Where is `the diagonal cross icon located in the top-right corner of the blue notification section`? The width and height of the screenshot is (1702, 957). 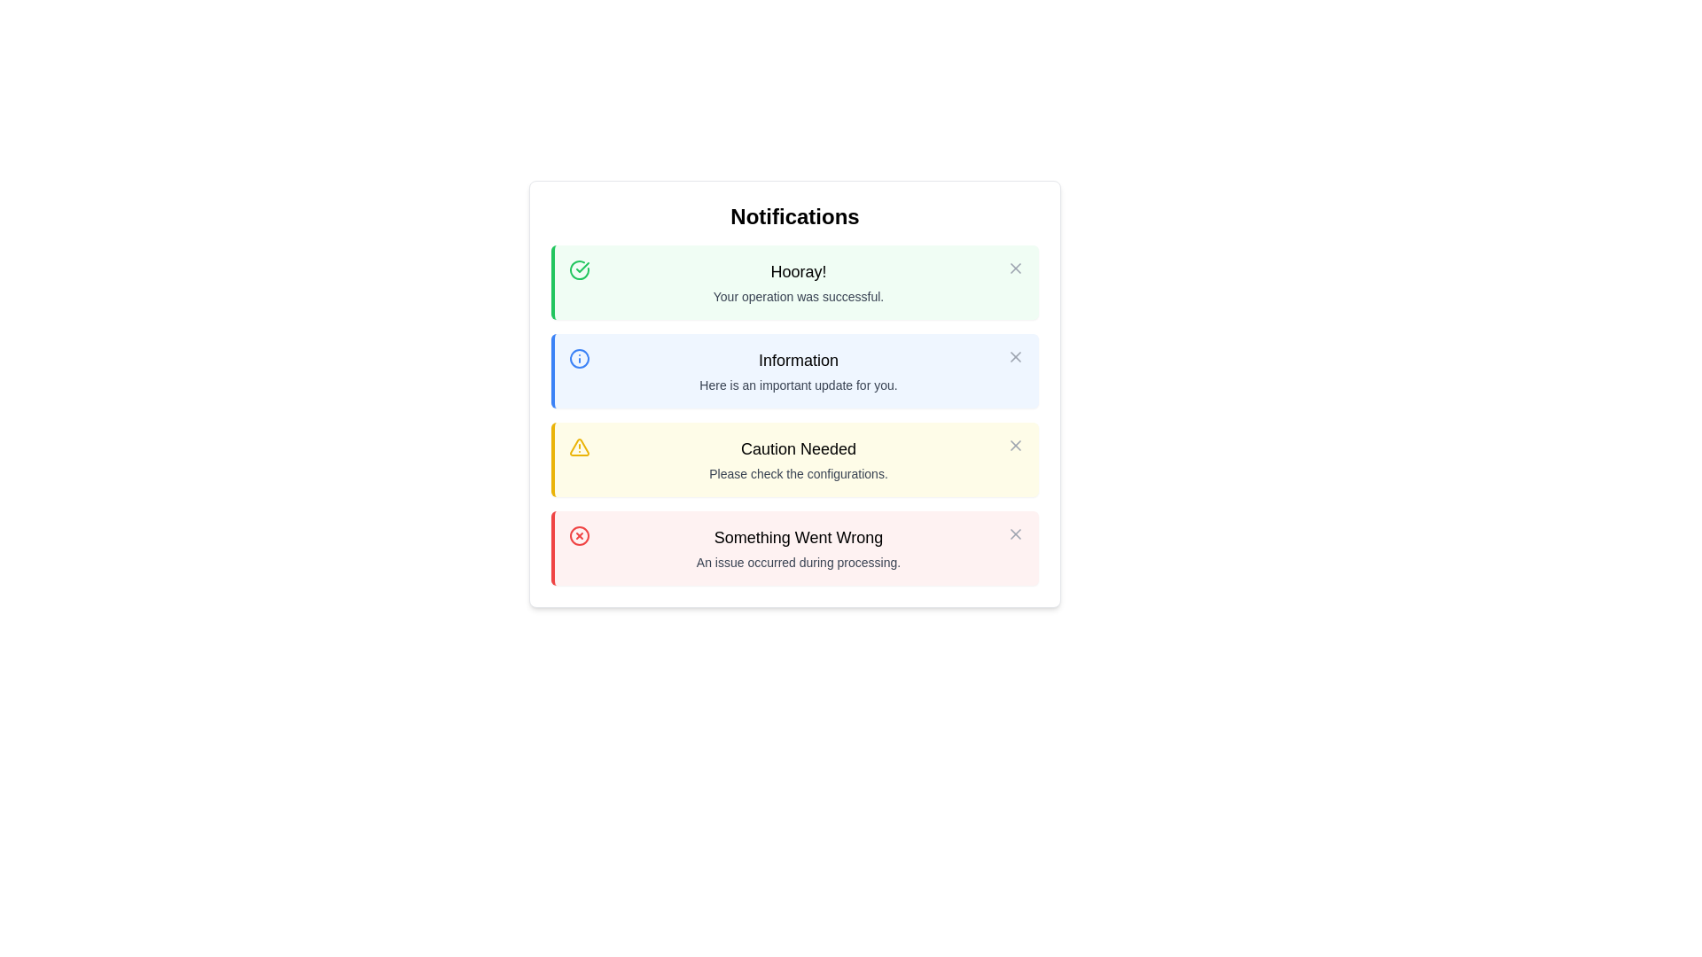
the diagonal cross icon located in the top-right corner of the blue notification section is located at coordinates (1016, 356).